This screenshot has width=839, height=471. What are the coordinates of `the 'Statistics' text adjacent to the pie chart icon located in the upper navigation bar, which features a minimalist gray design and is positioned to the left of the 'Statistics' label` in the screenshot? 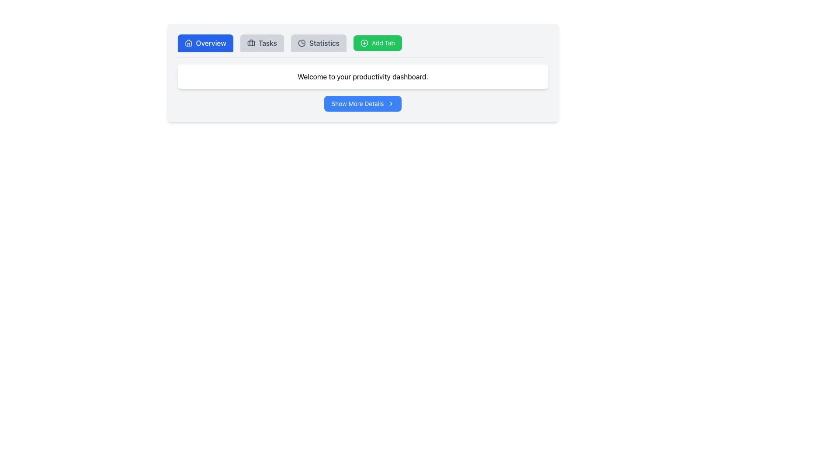 It's located at (302, 43).